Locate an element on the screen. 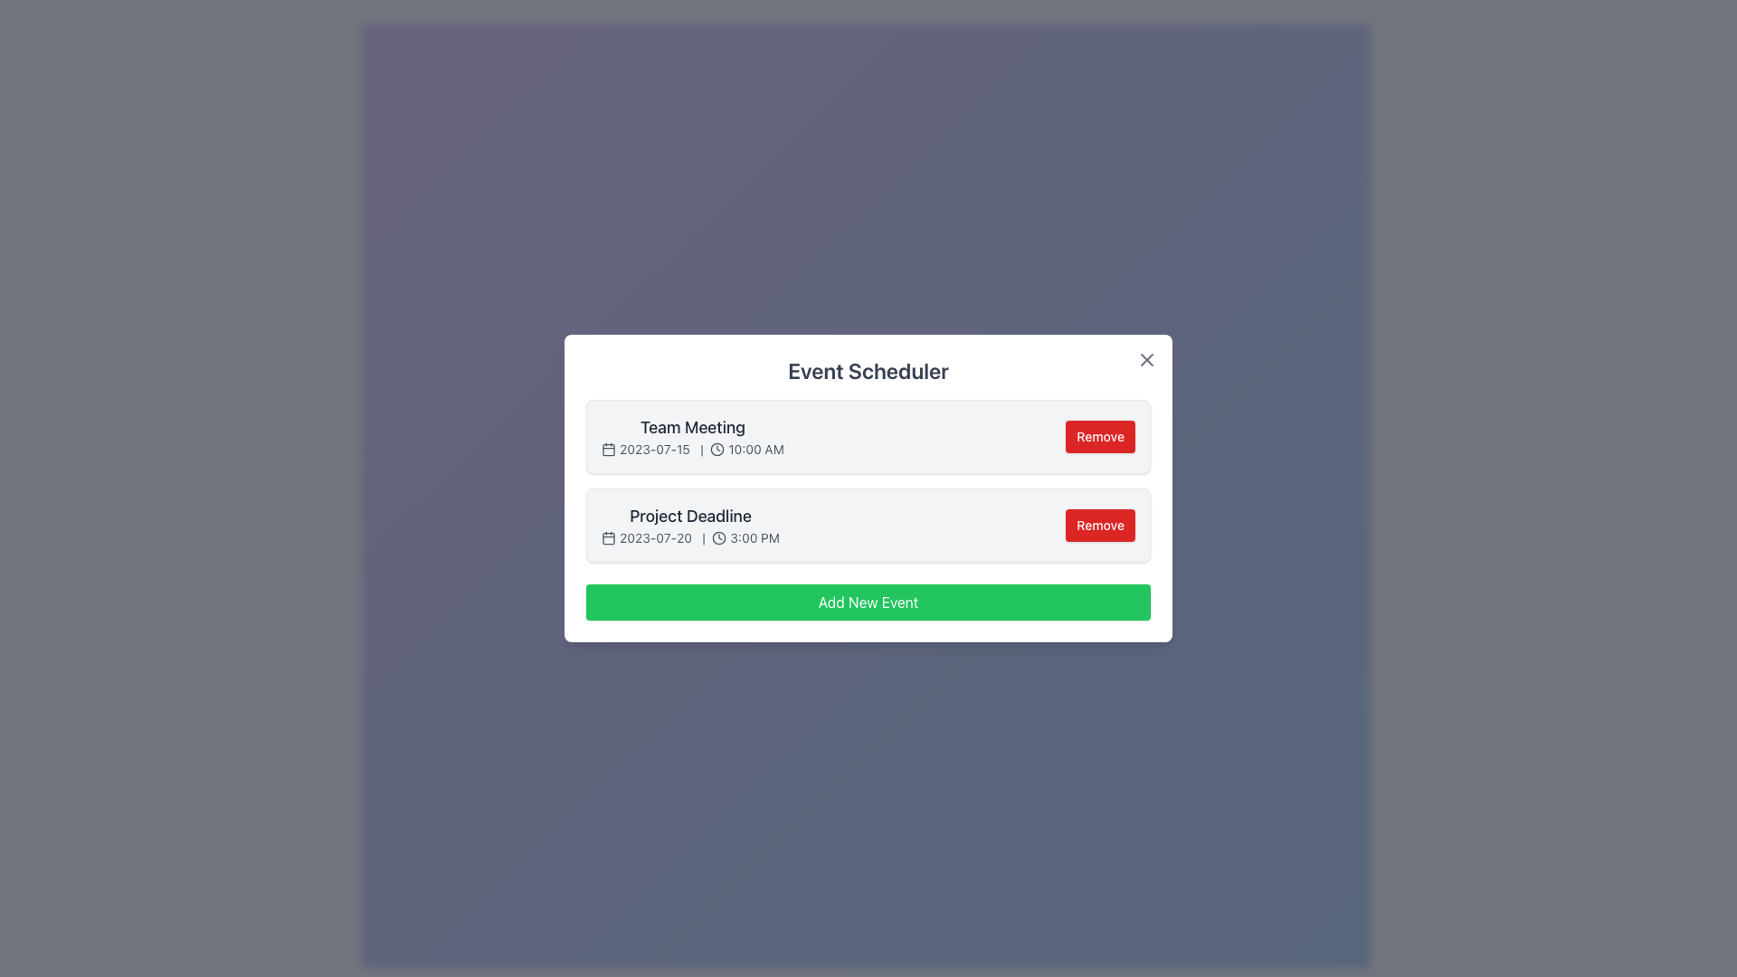 This screenshot has width=1737, height=977. the icon representing the date '2023-07-20' in the event scheduler pop-up, located in the second entry of the list, adjacent to the clock icon is located at coordinates (608, 536).